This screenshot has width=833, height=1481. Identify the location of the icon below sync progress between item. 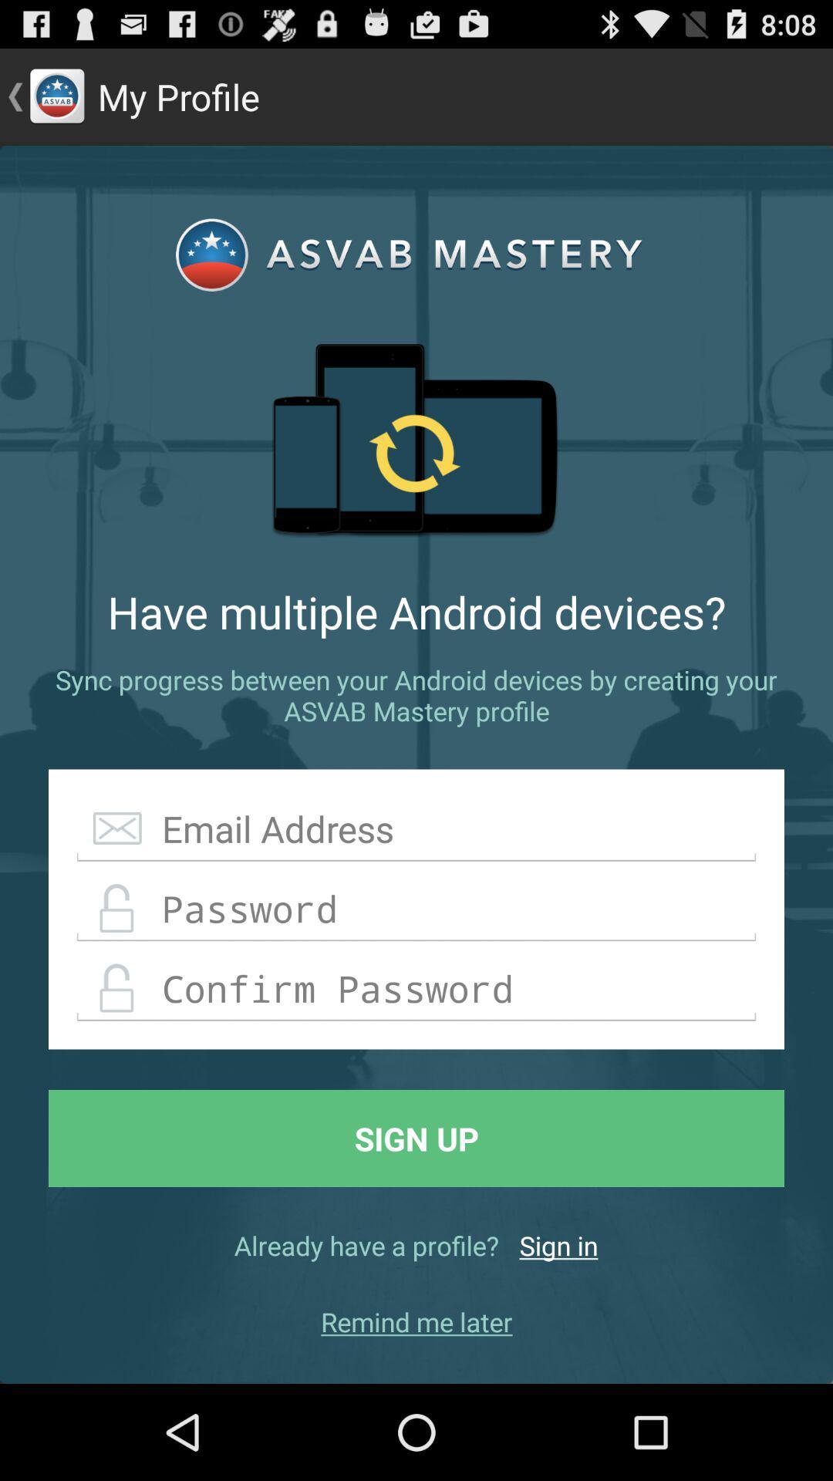
(416, 828).